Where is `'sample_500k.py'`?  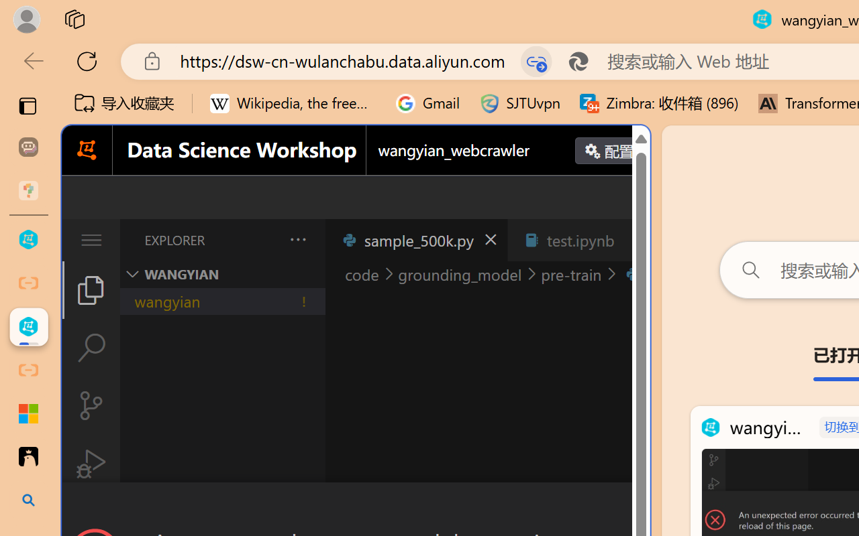 'sample_500k.py' is located at coordinates (415, 240).